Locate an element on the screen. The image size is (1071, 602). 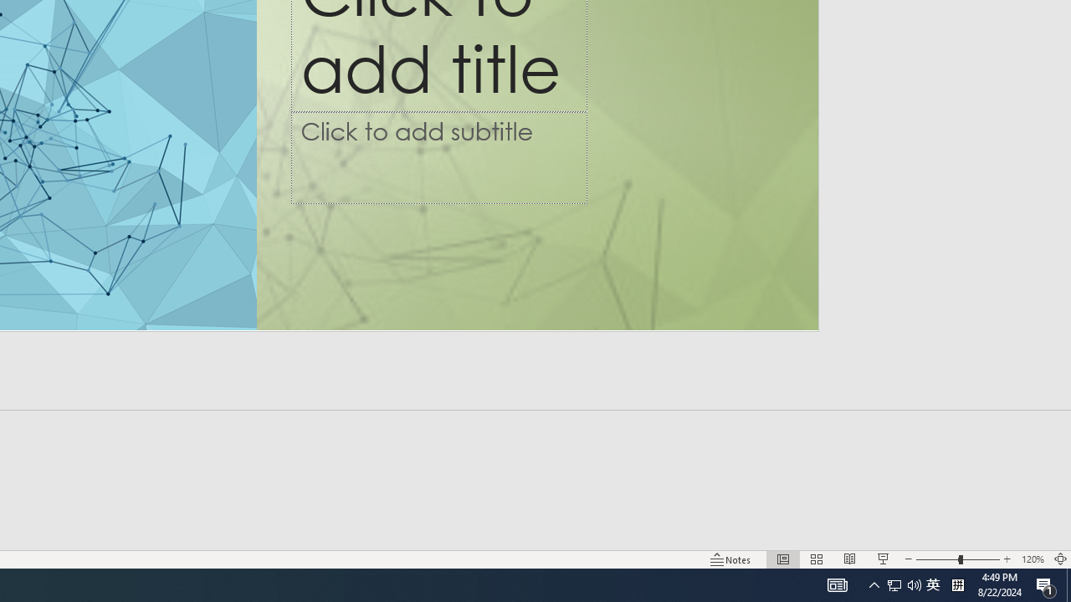
'Show desktop' is located at coordinates (1068, 584).